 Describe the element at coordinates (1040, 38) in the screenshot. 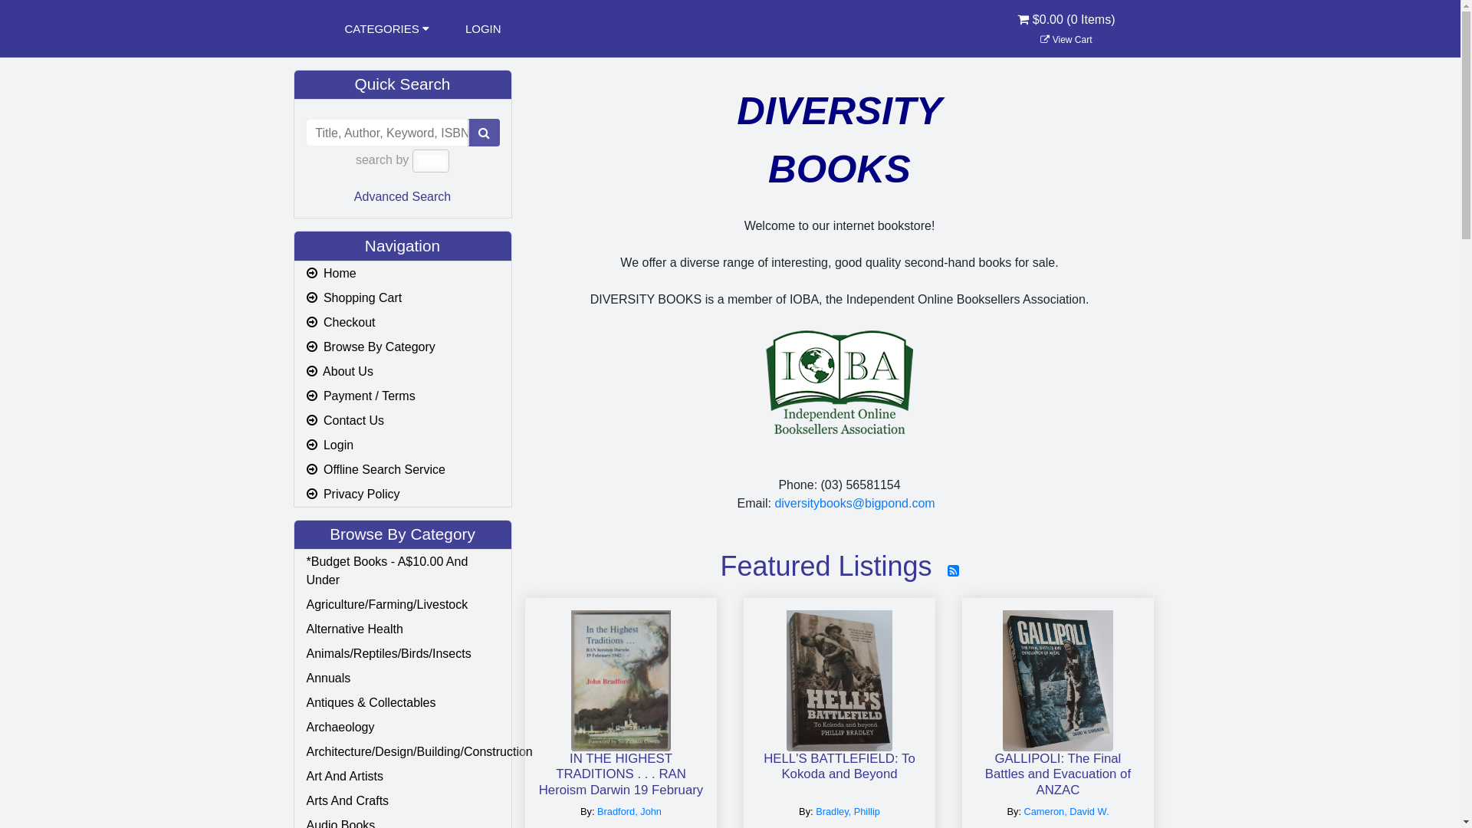

I see `' View Cart'` at that location.